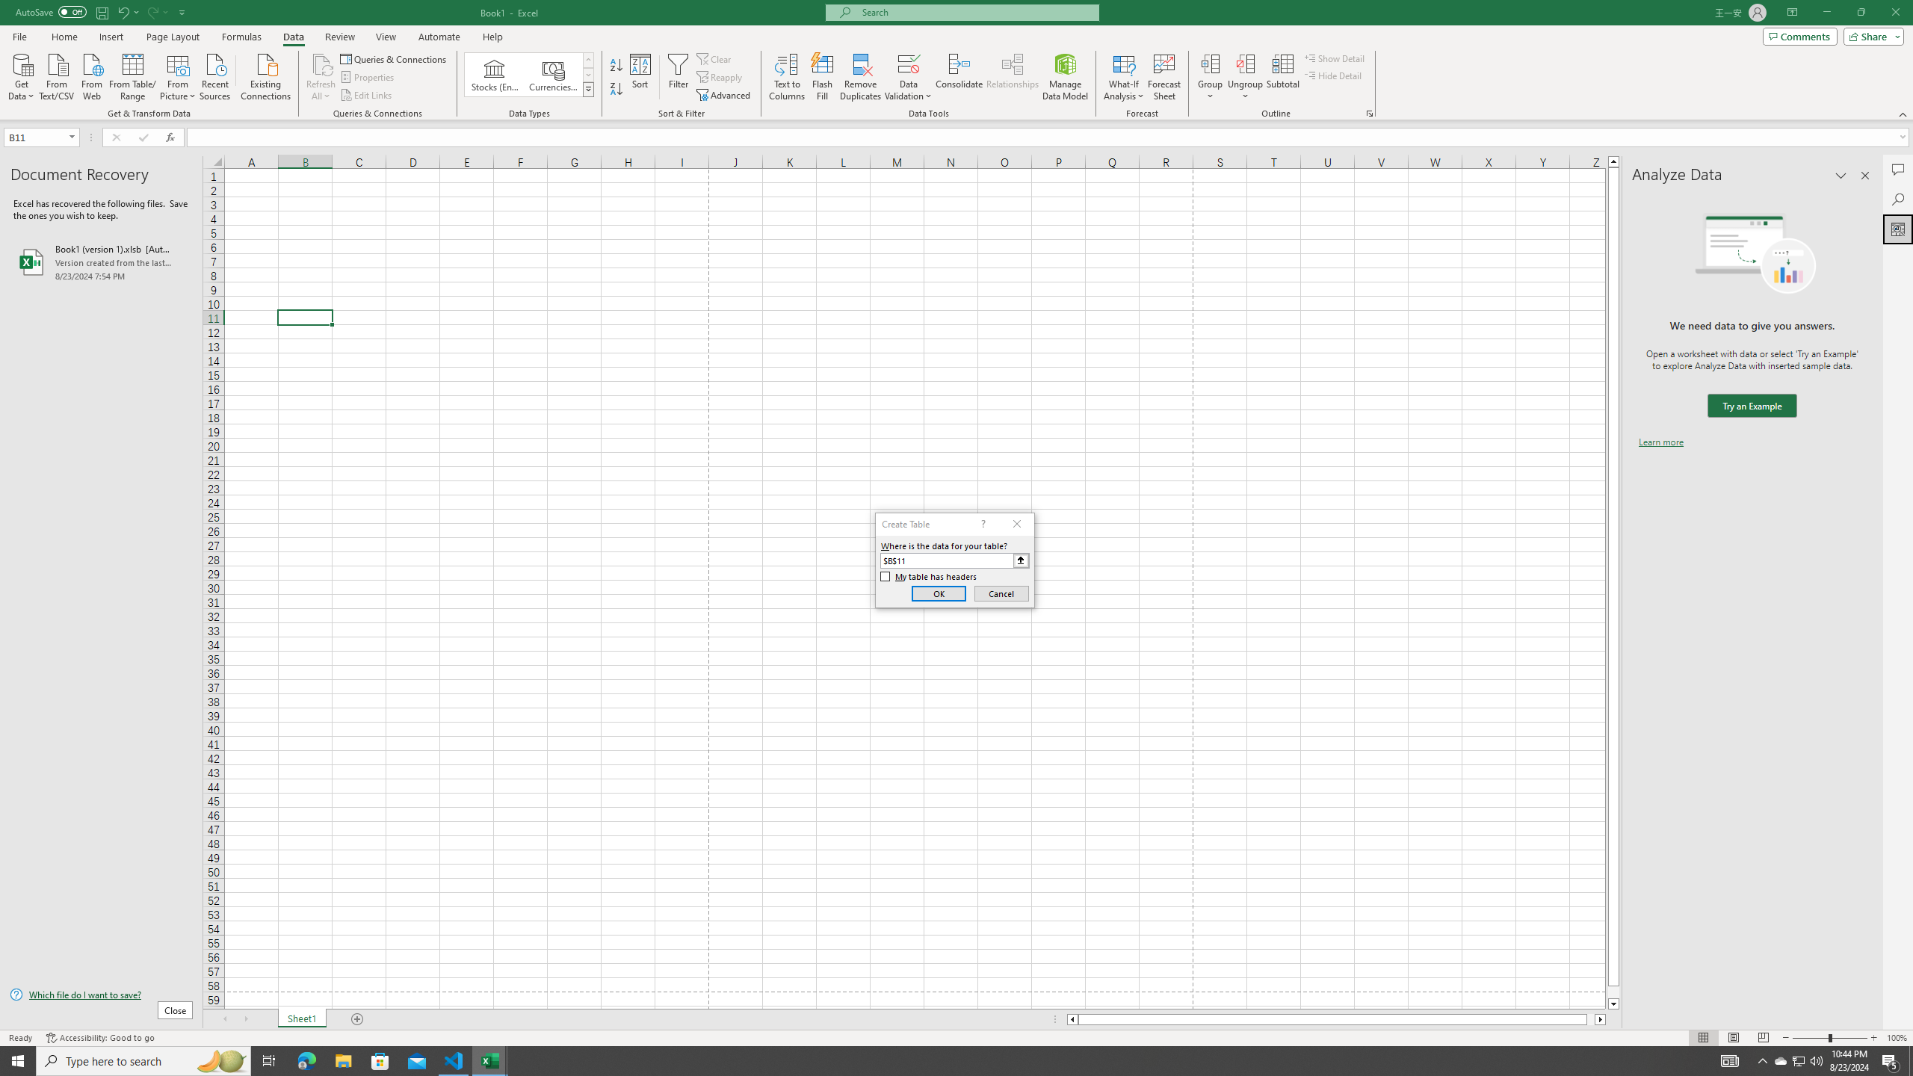 This screenshot has width=1913, height=1076. What do you see at coordinates (321, 63) in the screenshot?
I see `'Refresh All'` at bounding box center [321, 63].